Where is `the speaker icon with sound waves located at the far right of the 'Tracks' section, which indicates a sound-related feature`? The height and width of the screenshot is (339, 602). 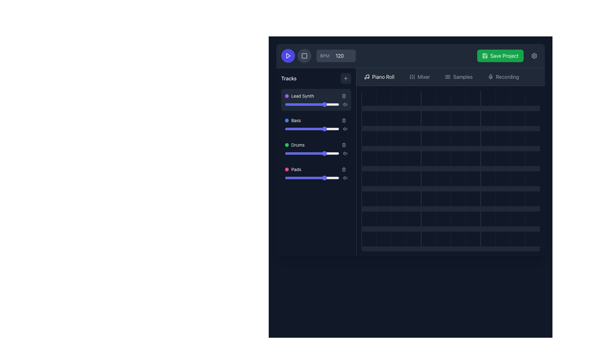 the speaker icon with sound waves located at the far right of the 'Tracks' section, which indicates a sound-related feature is located at coordinates (345, 129).